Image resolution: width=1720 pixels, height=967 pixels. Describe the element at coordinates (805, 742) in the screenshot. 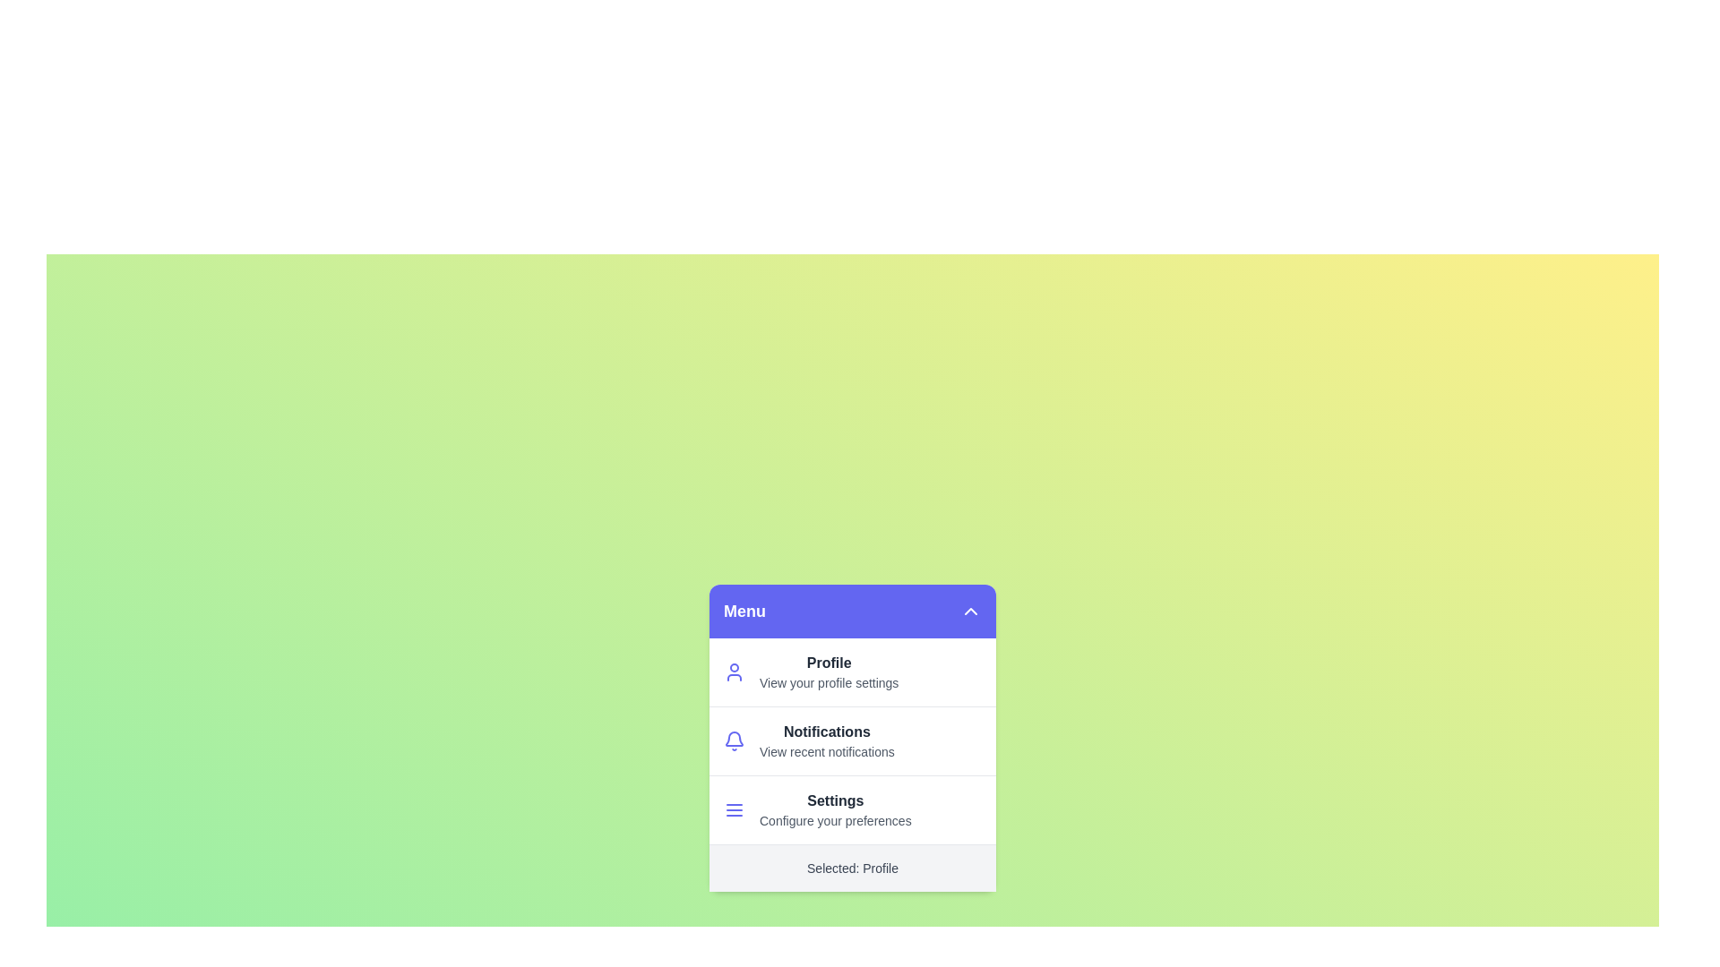

I see `the menu item labeled Notifications` at that location.